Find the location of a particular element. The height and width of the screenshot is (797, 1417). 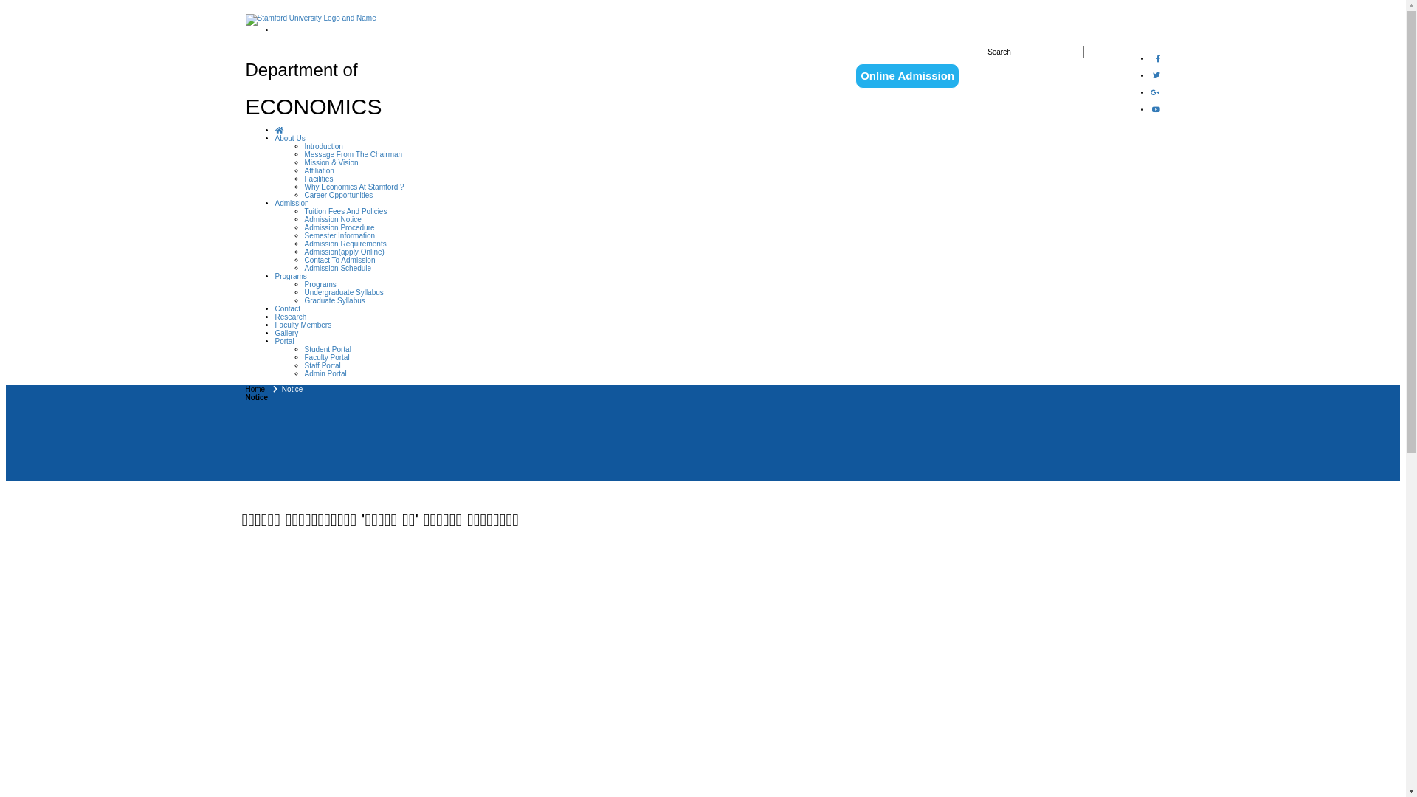

'Portal' is located at coordinates (283, 341).